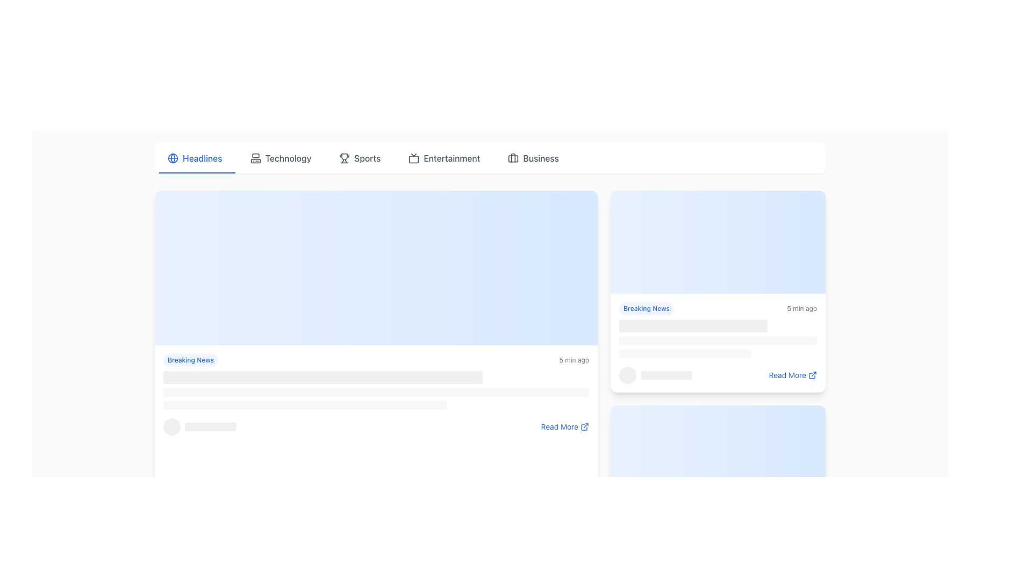 The image size is (1032, 580). I want to click on text displaying '5 min ago' in small, gray-colored font, positioned on the right side of the 'Breaking News' label, so click(574, 360).